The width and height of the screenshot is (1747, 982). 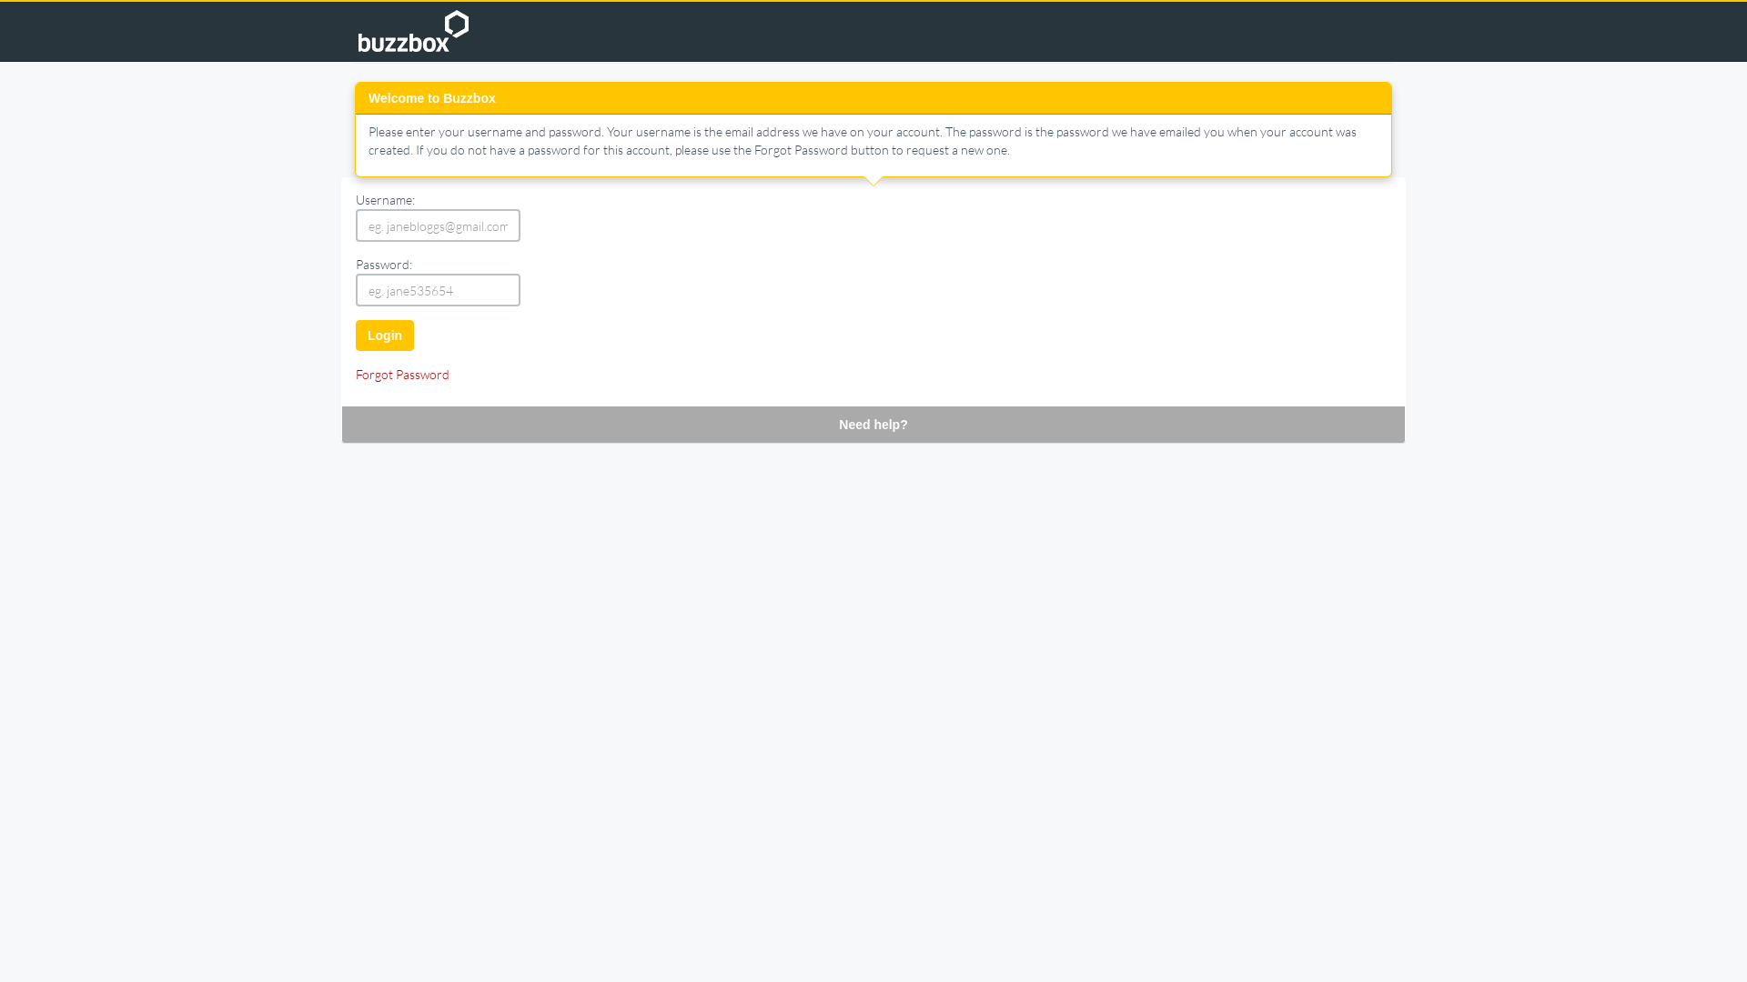 What do you see at coordinates (401, 373) in the screenshot?
I see `'Forgot Password'` at bounding box center [401, 373].